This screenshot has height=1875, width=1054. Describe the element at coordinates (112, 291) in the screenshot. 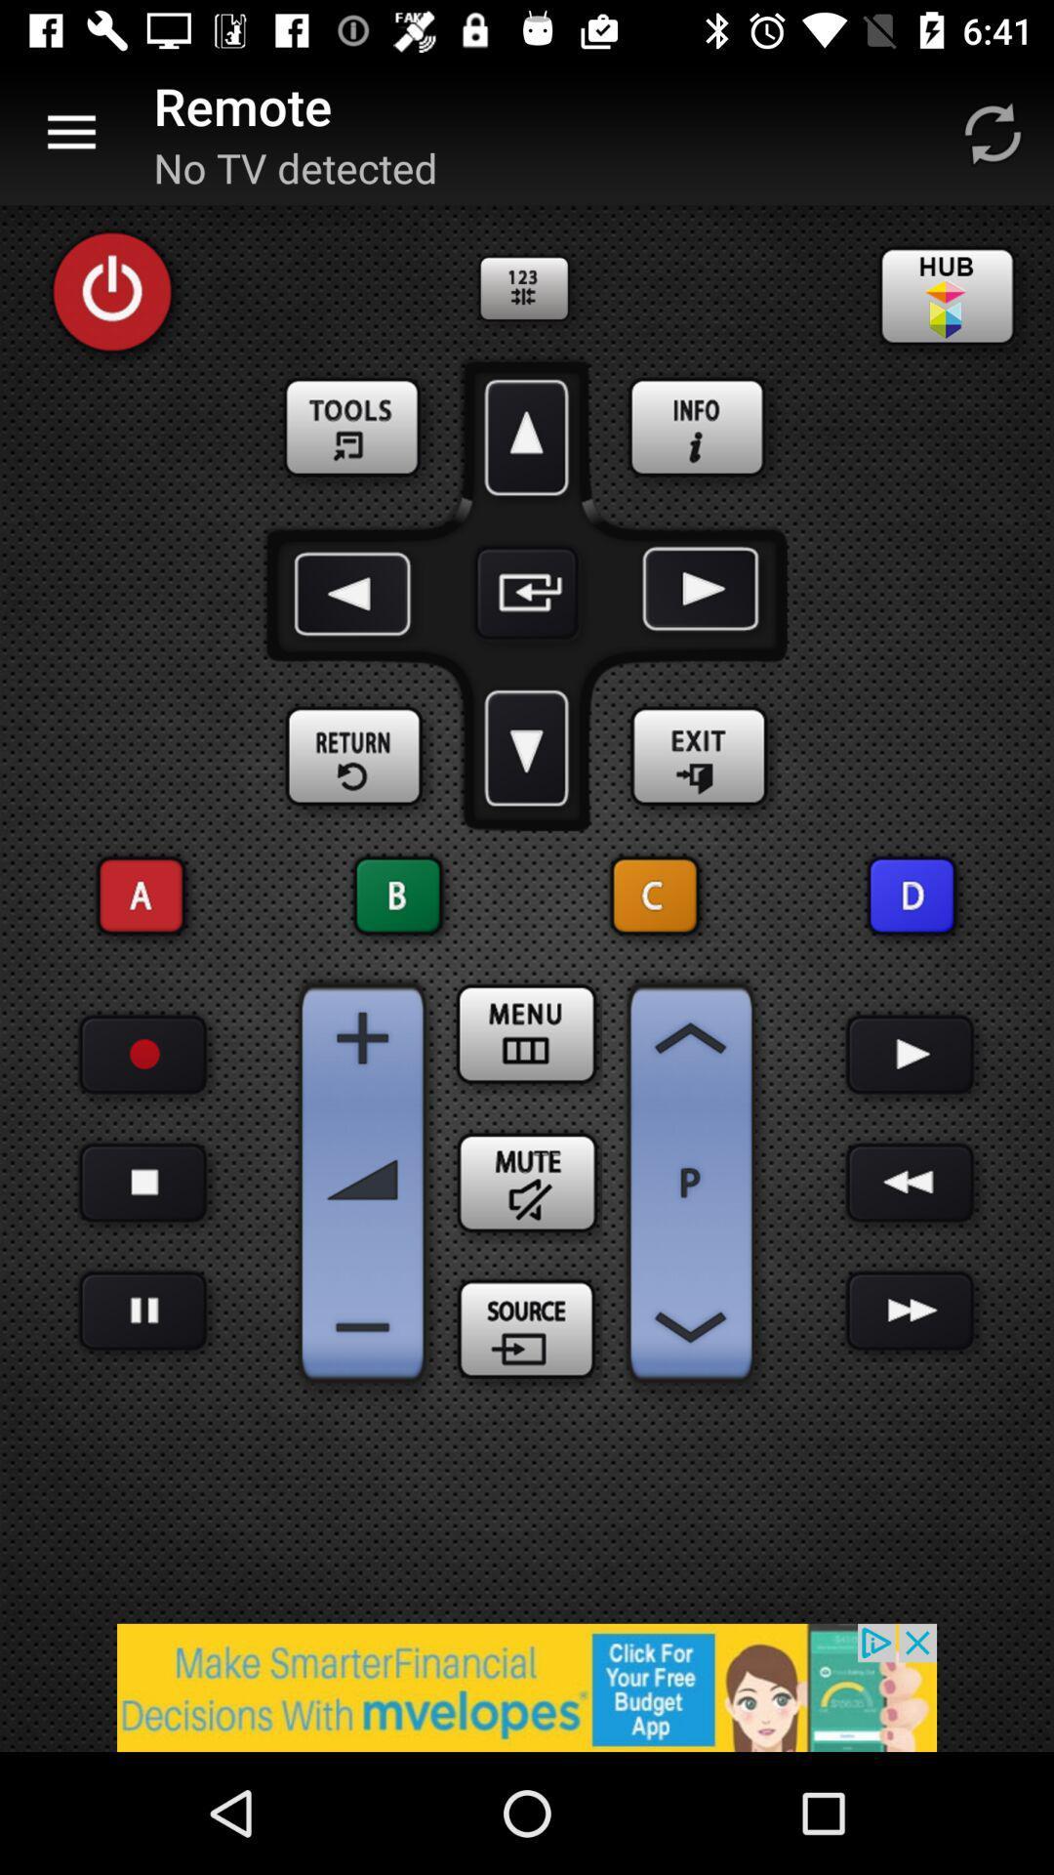

I see `power off botton` at that location.